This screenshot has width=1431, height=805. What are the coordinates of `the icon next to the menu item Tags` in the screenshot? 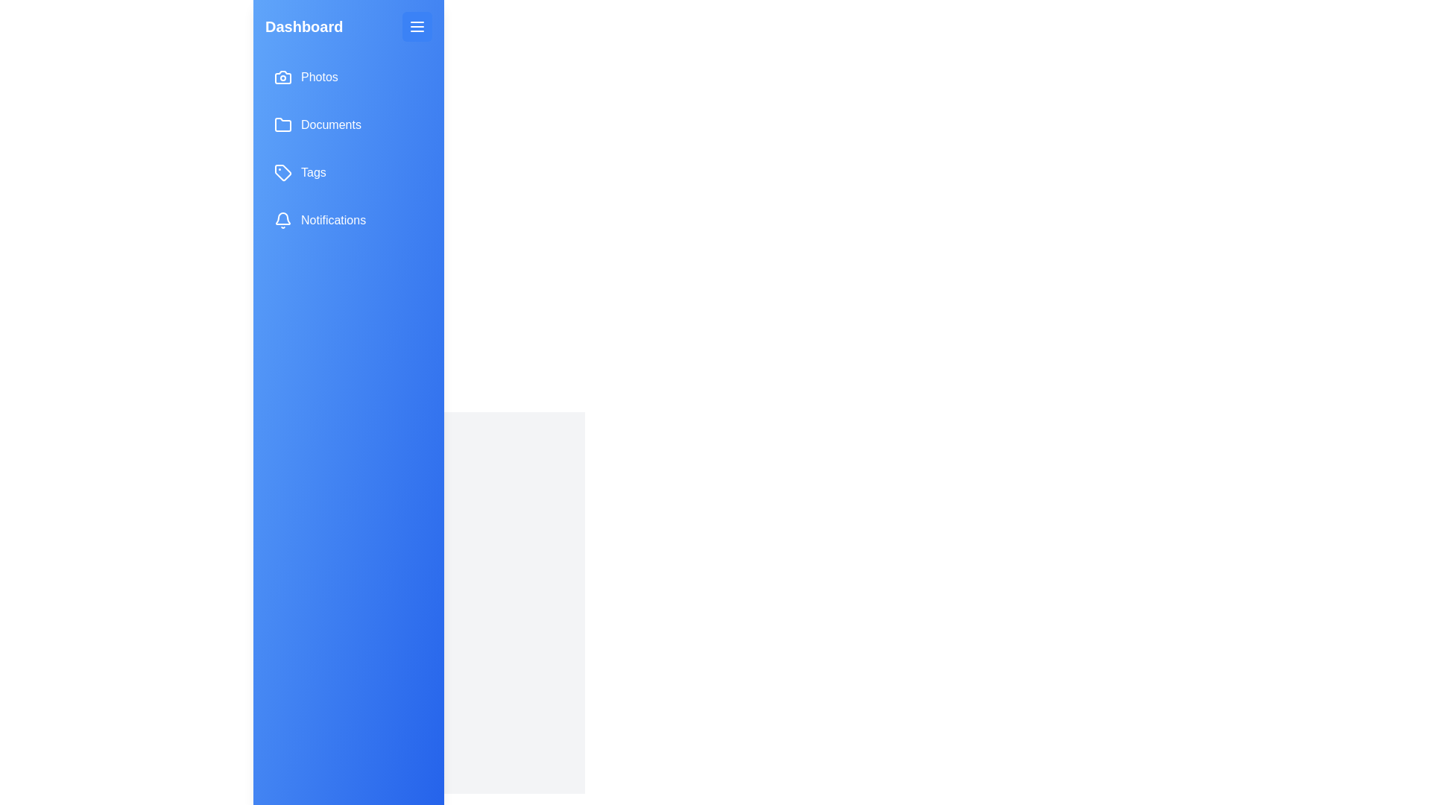 It's located at (282, 171).